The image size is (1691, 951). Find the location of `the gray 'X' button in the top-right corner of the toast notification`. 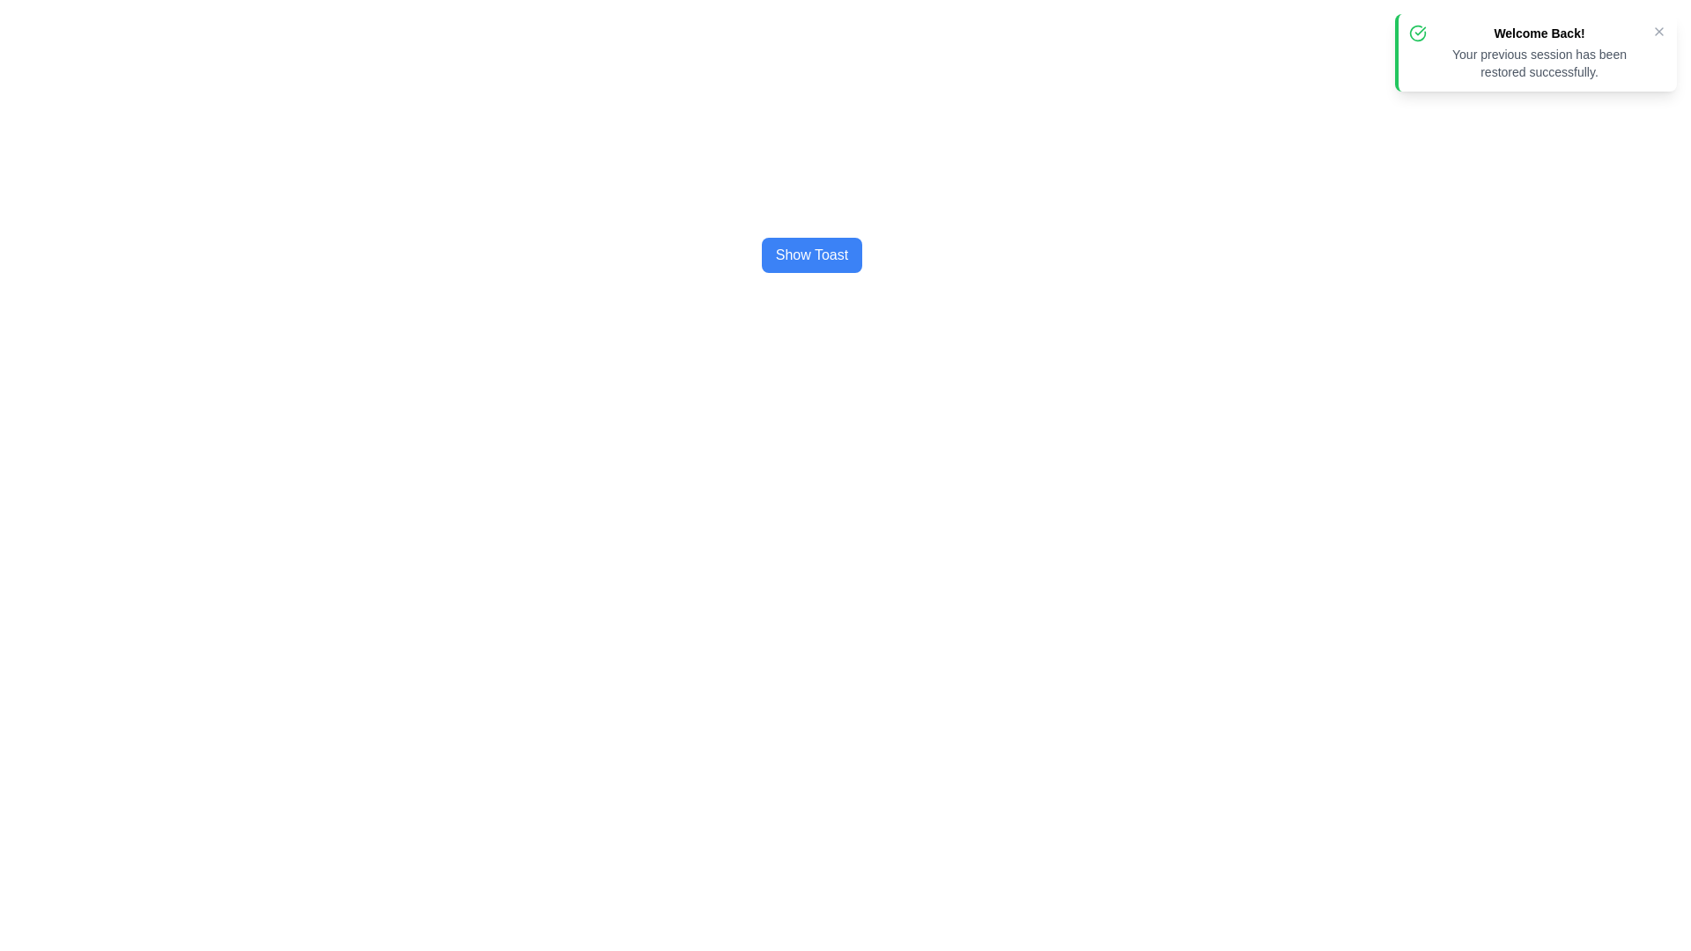

the gray 'X' button in the top-right corner of the toast notification is located at coordinates (1658, 31).